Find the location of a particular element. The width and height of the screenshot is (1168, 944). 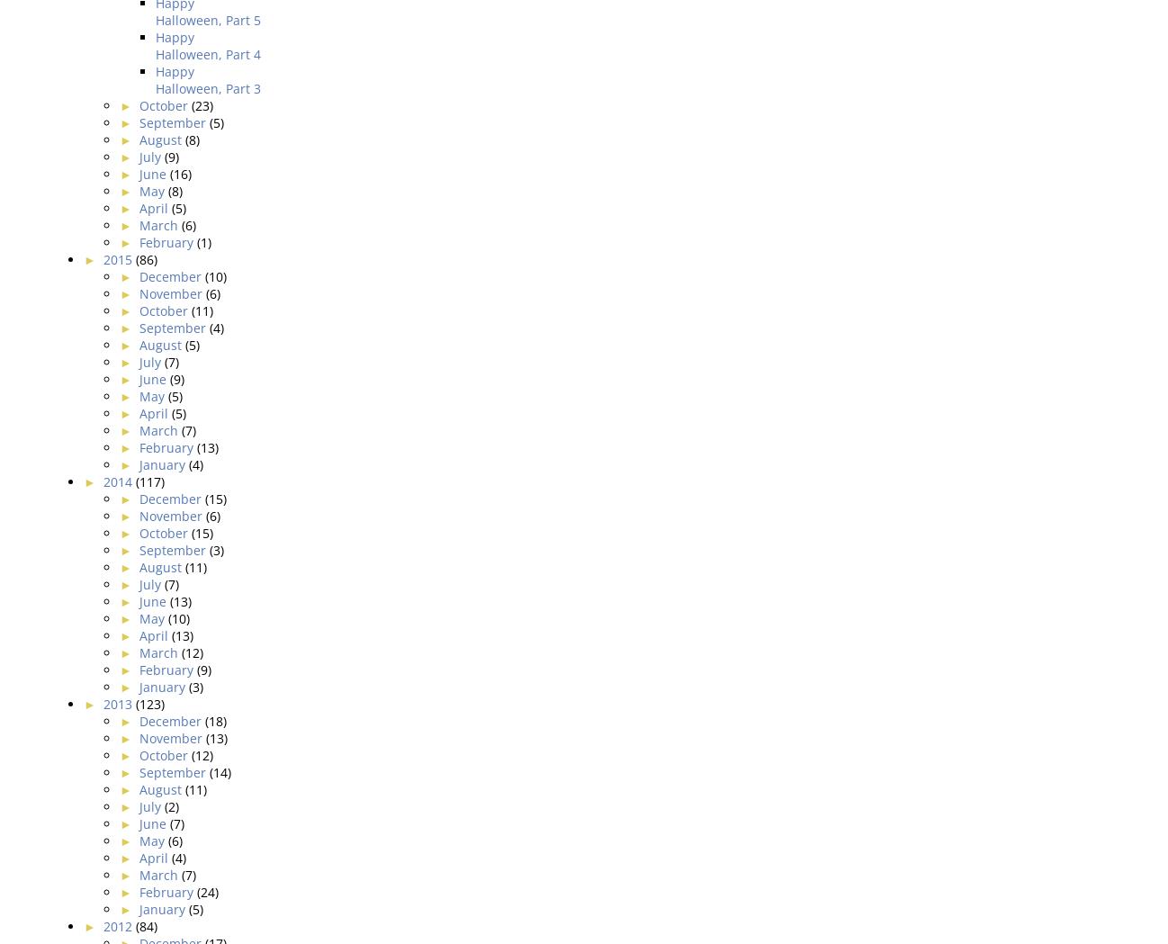

'(123)' is located at coordinates (148, 703).